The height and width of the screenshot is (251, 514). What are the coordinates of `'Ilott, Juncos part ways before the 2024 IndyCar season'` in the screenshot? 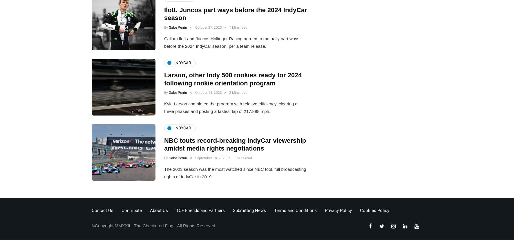 It's located at (235, 14).